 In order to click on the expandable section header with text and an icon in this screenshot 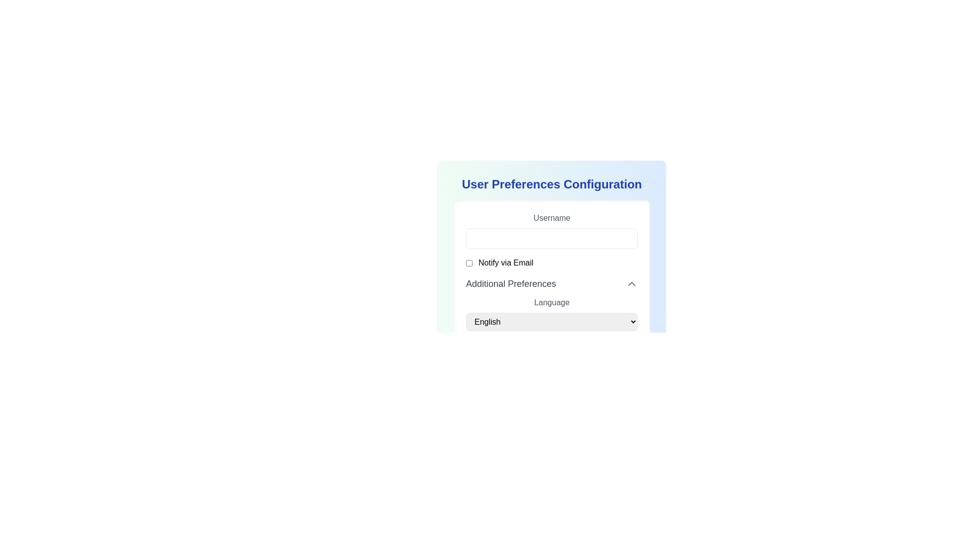, I will do `click(551, 283)`.